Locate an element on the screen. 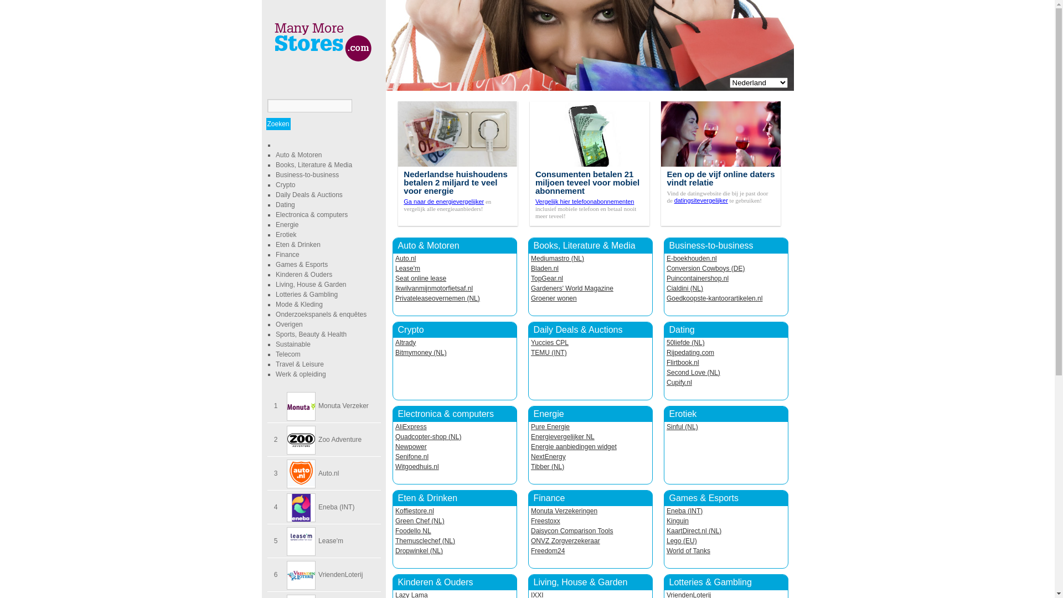  'Foodello NL' is located at coordinates (395, 530).